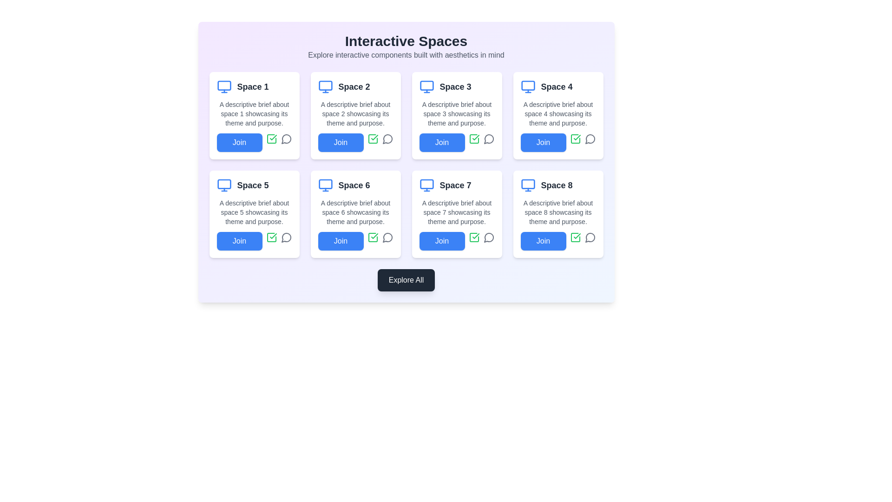 Image resolution: width=892 pixels, height=502 pixels. Describe the element at coordinates (406, 40) in the screenshot. I see `the large, bold heading text 'Interactive Spaces' located at the top center of the interface` at that location.